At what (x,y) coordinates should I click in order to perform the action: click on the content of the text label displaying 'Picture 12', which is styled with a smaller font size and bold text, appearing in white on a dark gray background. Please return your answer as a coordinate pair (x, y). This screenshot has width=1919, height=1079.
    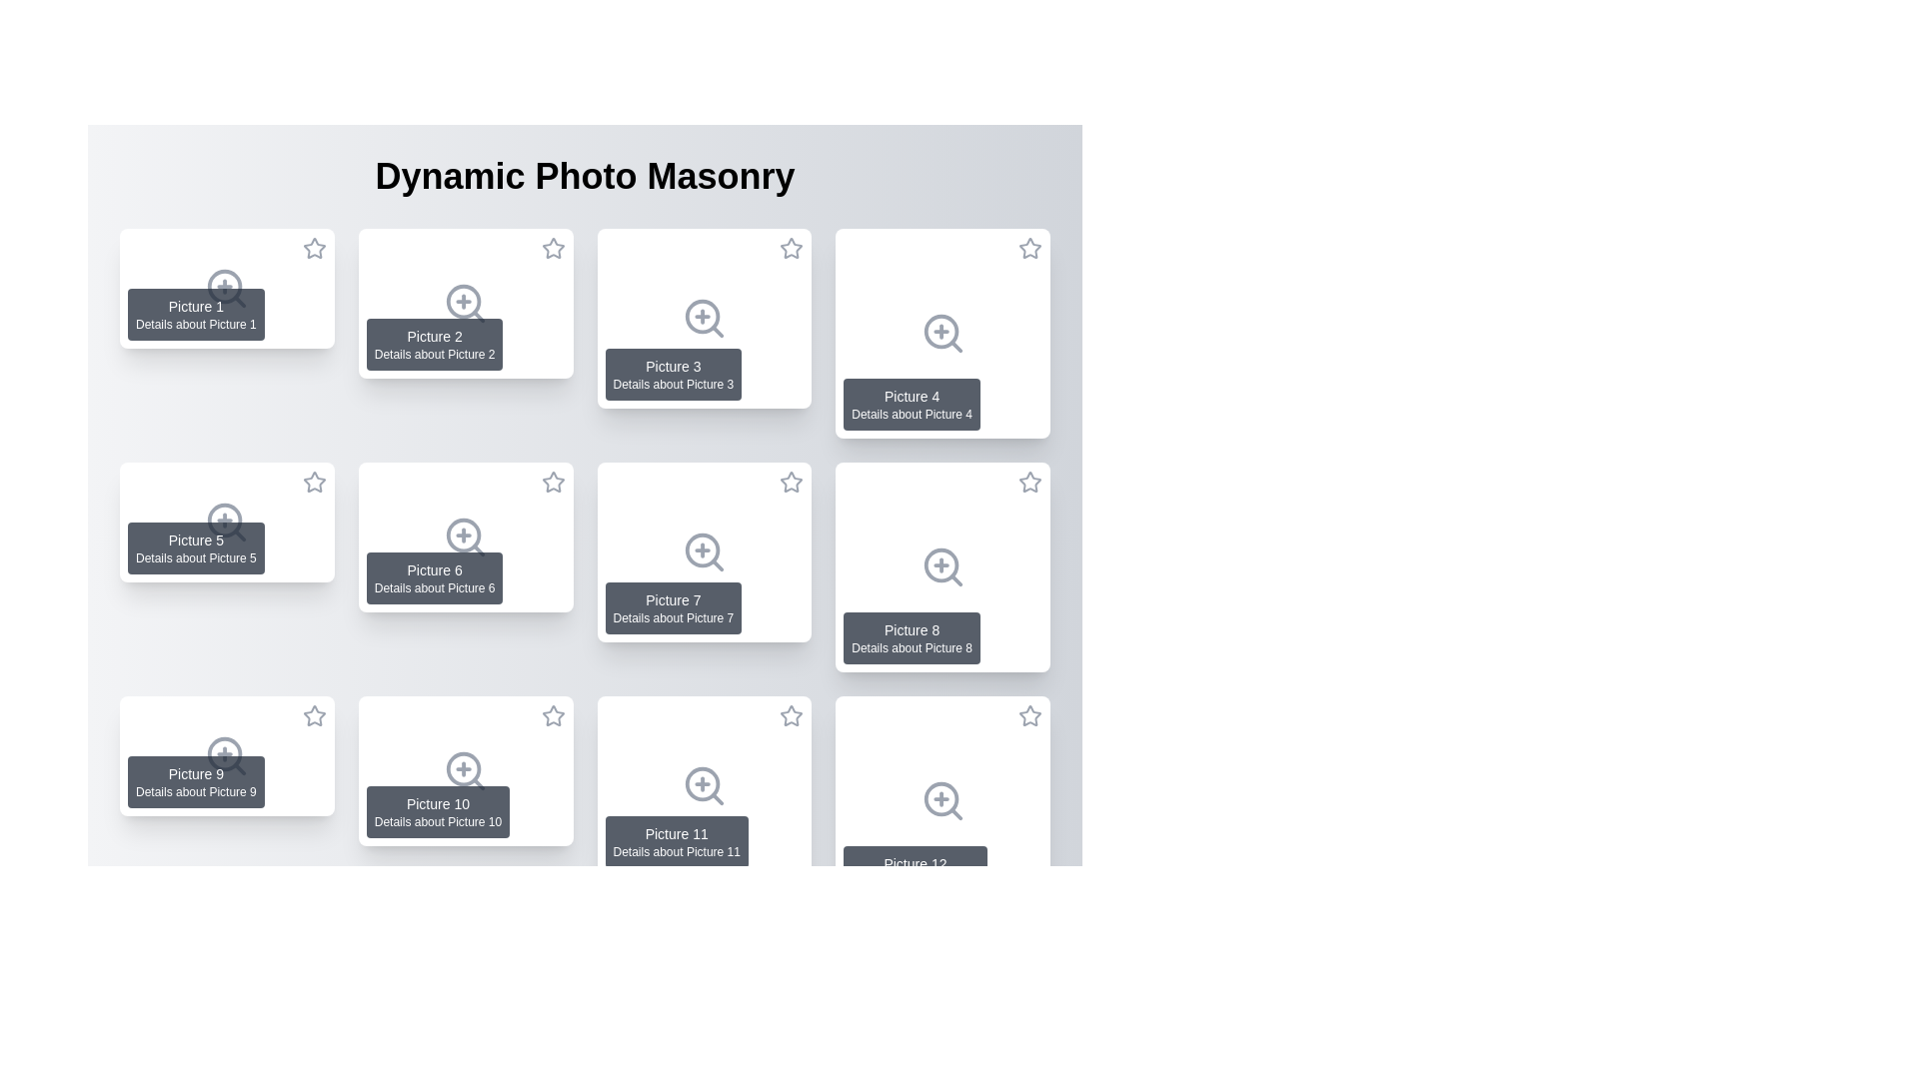
    Looking at the image, I should click on (915, 862).